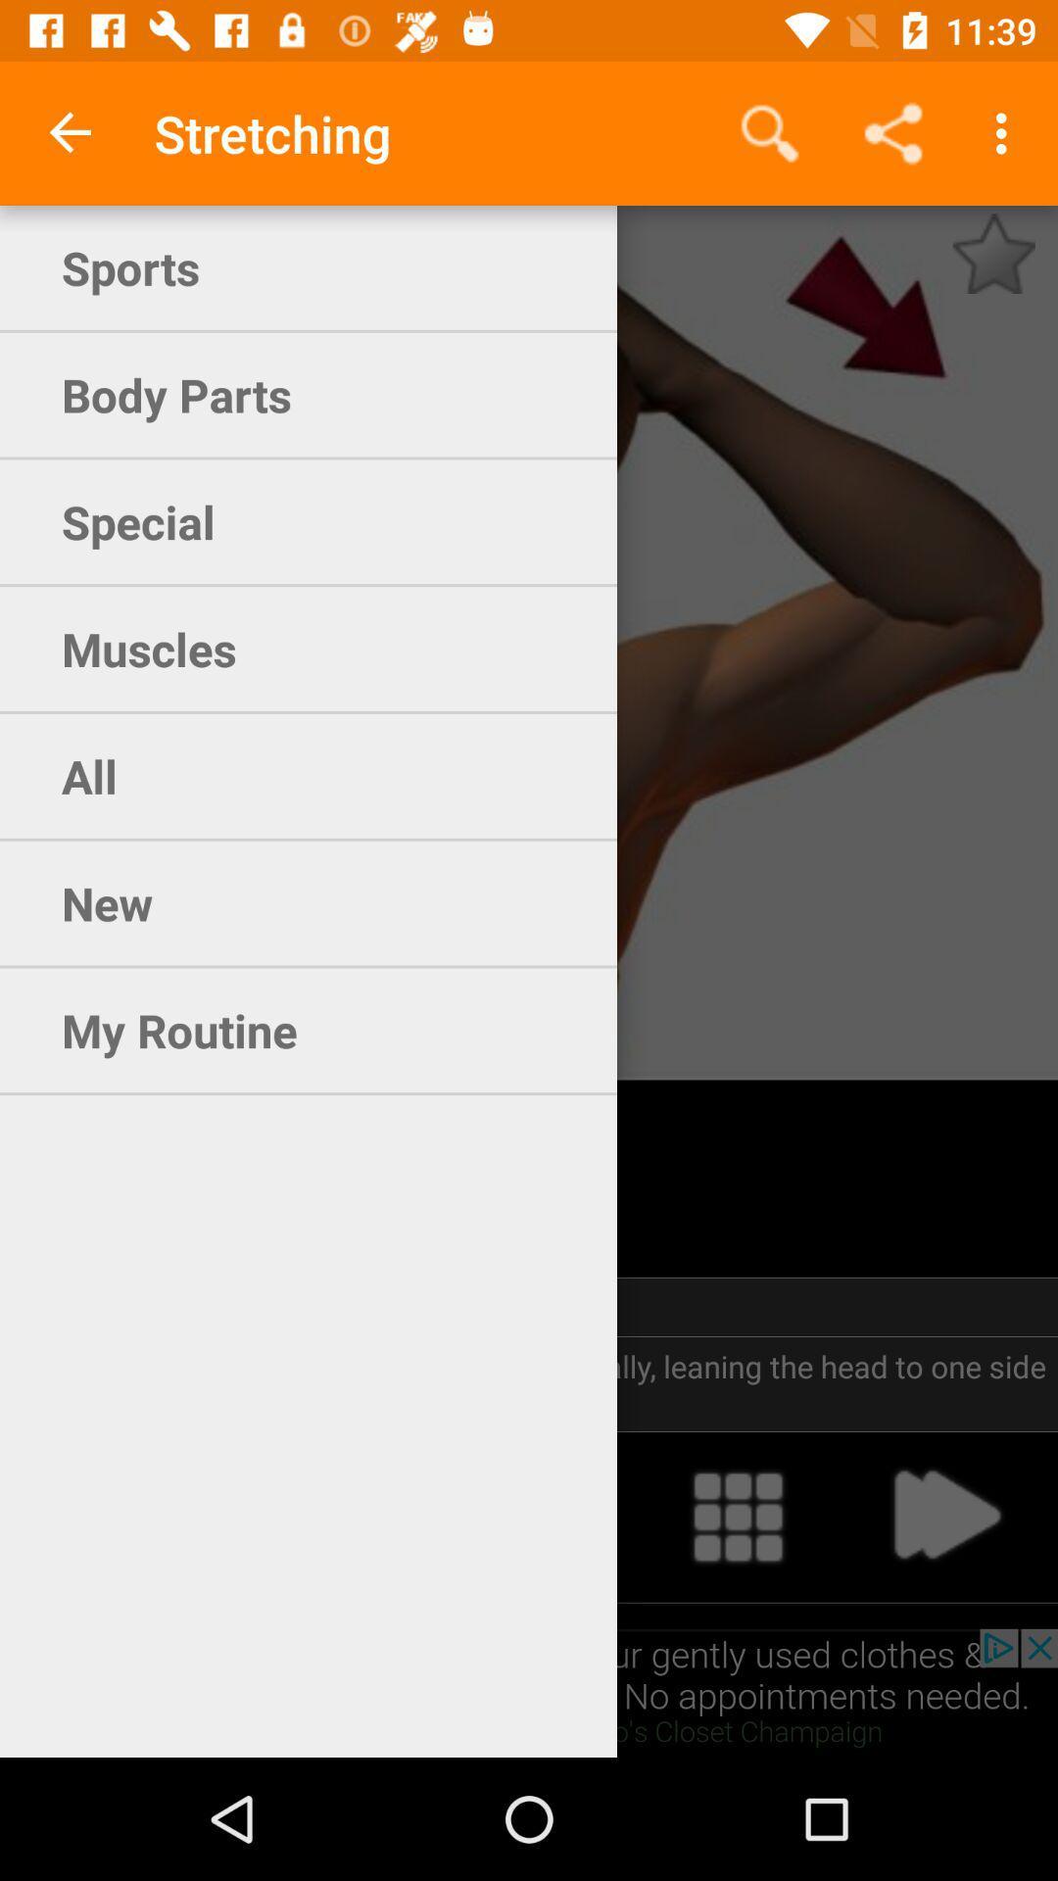 The height and width of the screenshot is (1881, 1058). What do you see at coordinates (993, 253) in the screenshot?
I see `the star icon` at bounding box center [993, 253].